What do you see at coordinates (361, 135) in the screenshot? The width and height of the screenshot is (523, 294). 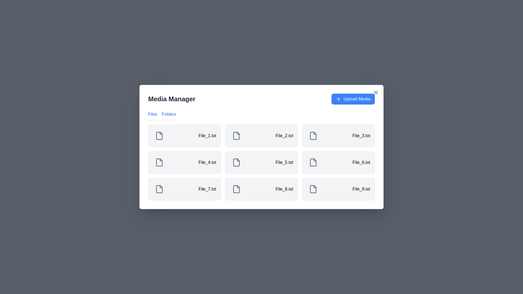 I see `the text label displaying 'File_3.txt' to rename the file` at bounding box center [361, 135].